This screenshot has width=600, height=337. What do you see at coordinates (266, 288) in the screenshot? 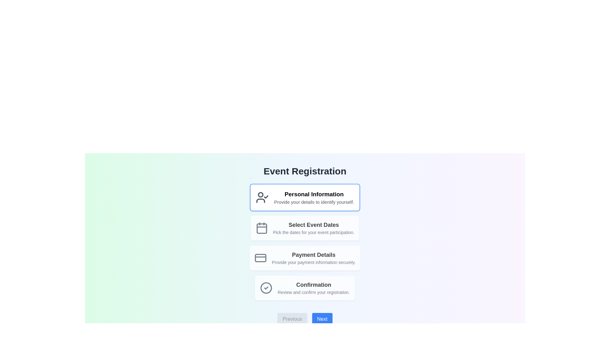
I see `the circular icon depicting a checkmark with a gray outline, located in the 'Confirmation' section at the bottom of the steps` at bounding box center [266, 288].